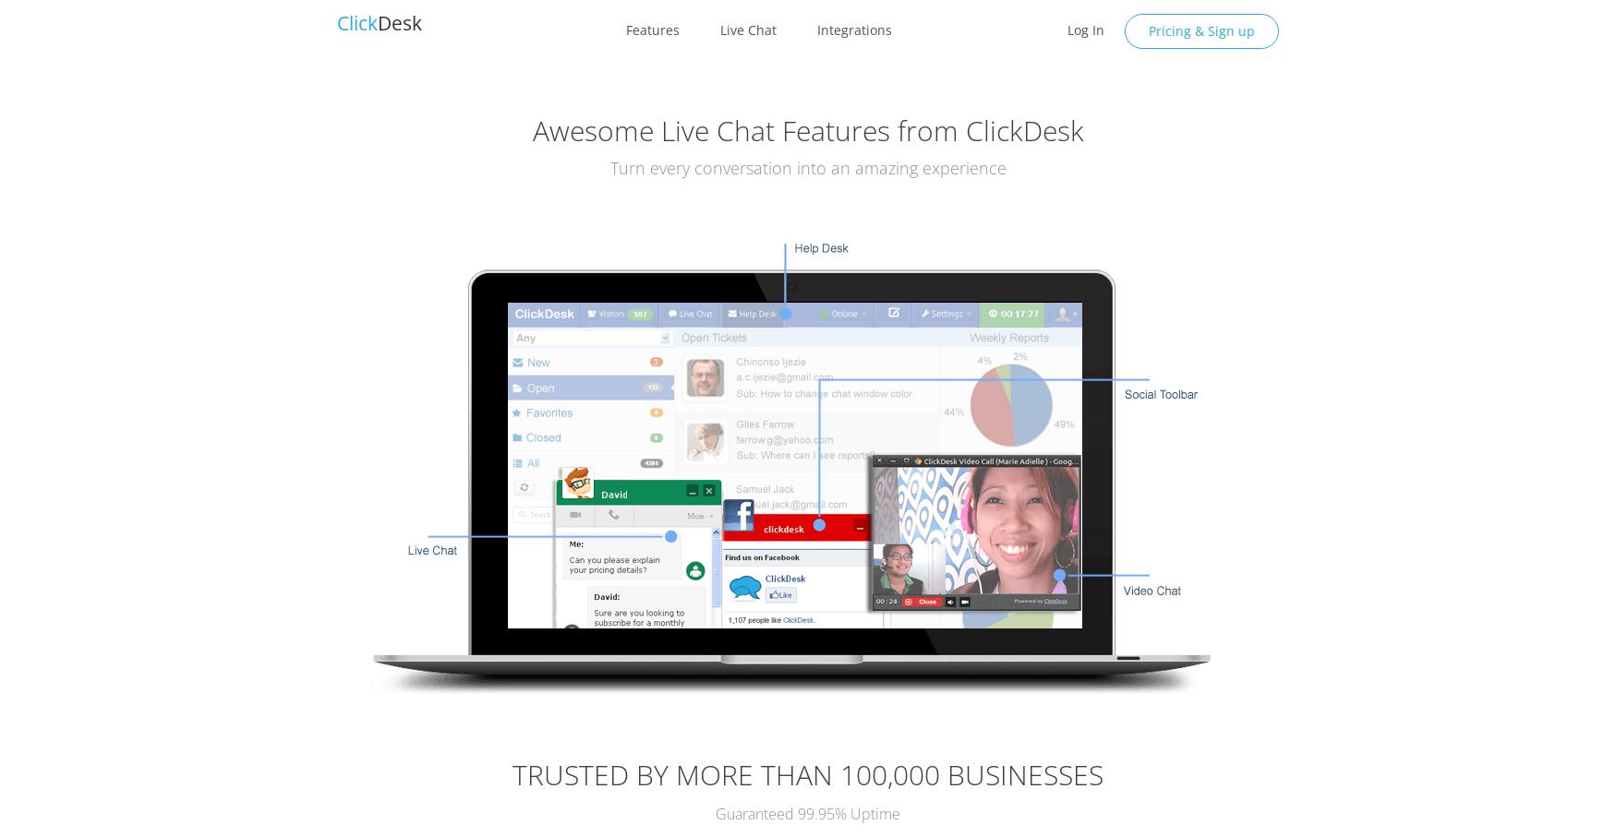 The height and width of the screenshot is (837, 1616). Describe the element at coordinates (356, 22) in the screenshot. I see `'Click'` at that location.